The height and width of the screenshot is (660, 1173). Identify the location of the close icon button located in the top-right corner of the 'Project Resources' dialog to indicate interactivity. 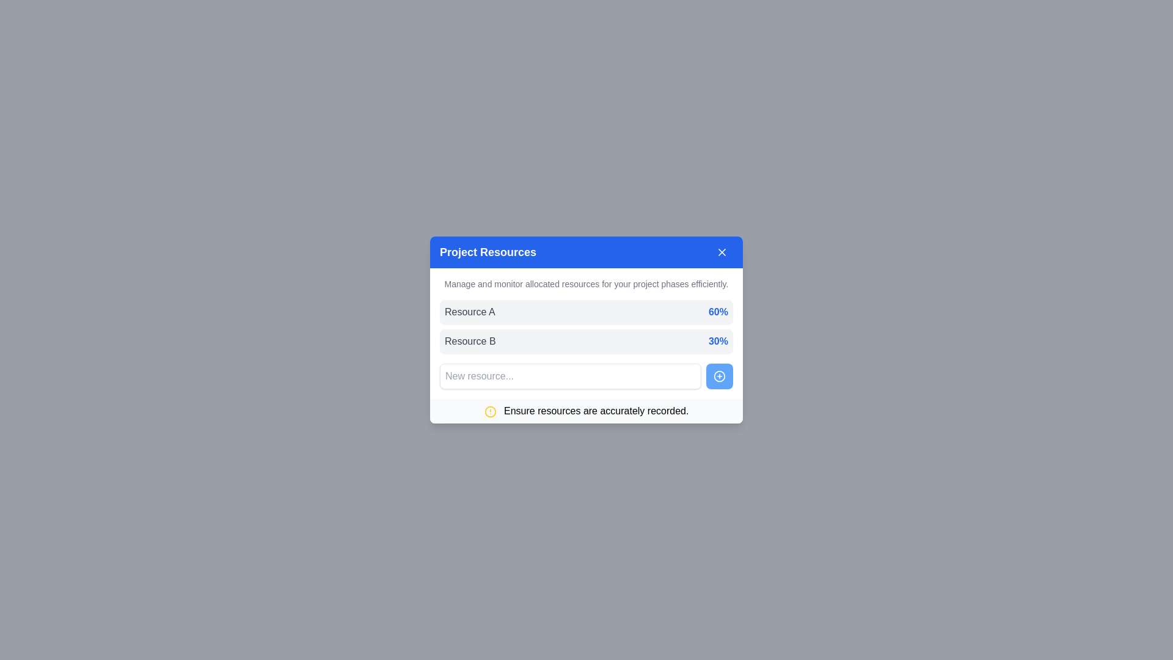
(722, 251).